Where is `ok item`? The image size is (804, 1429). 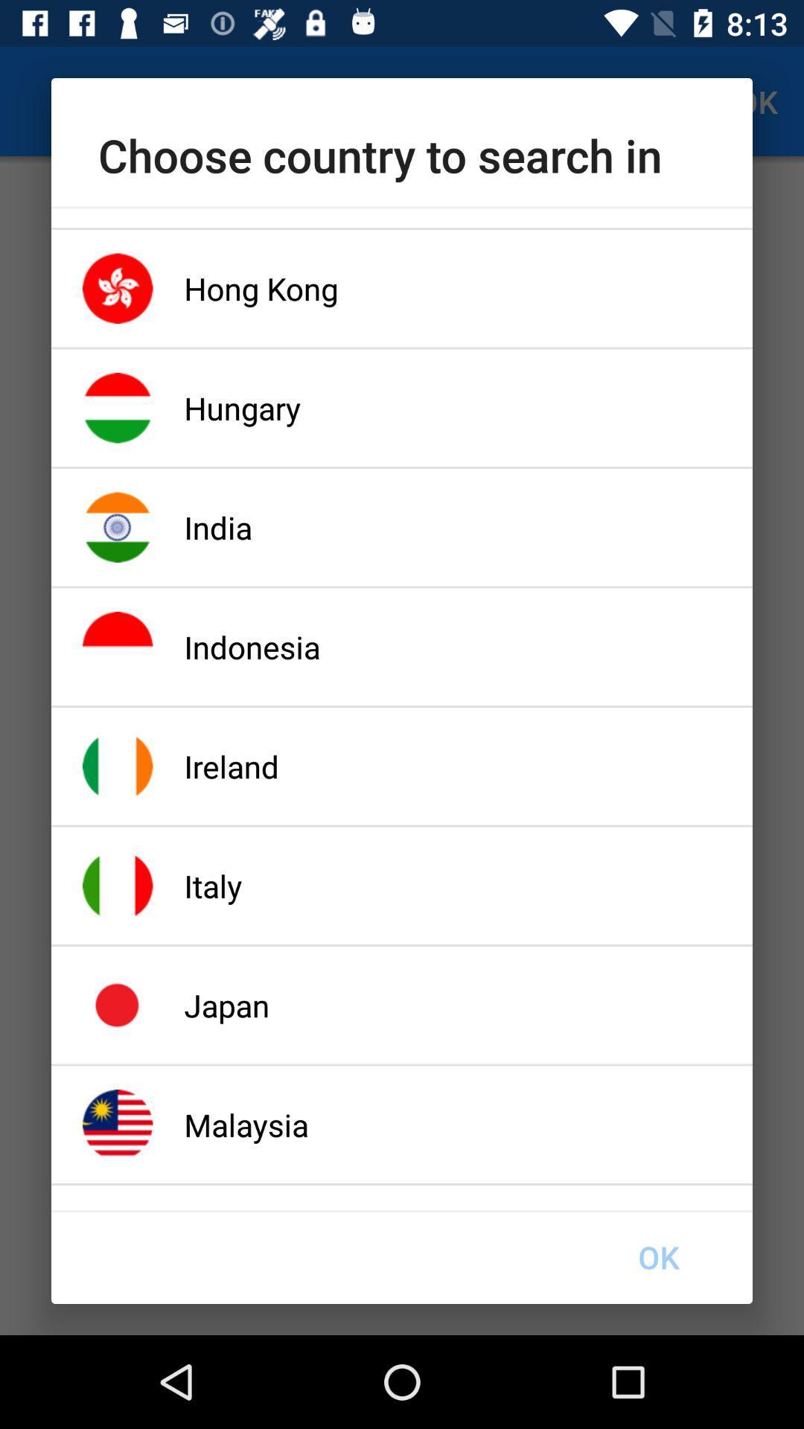 ok item is located at coordinates (657, 1256).